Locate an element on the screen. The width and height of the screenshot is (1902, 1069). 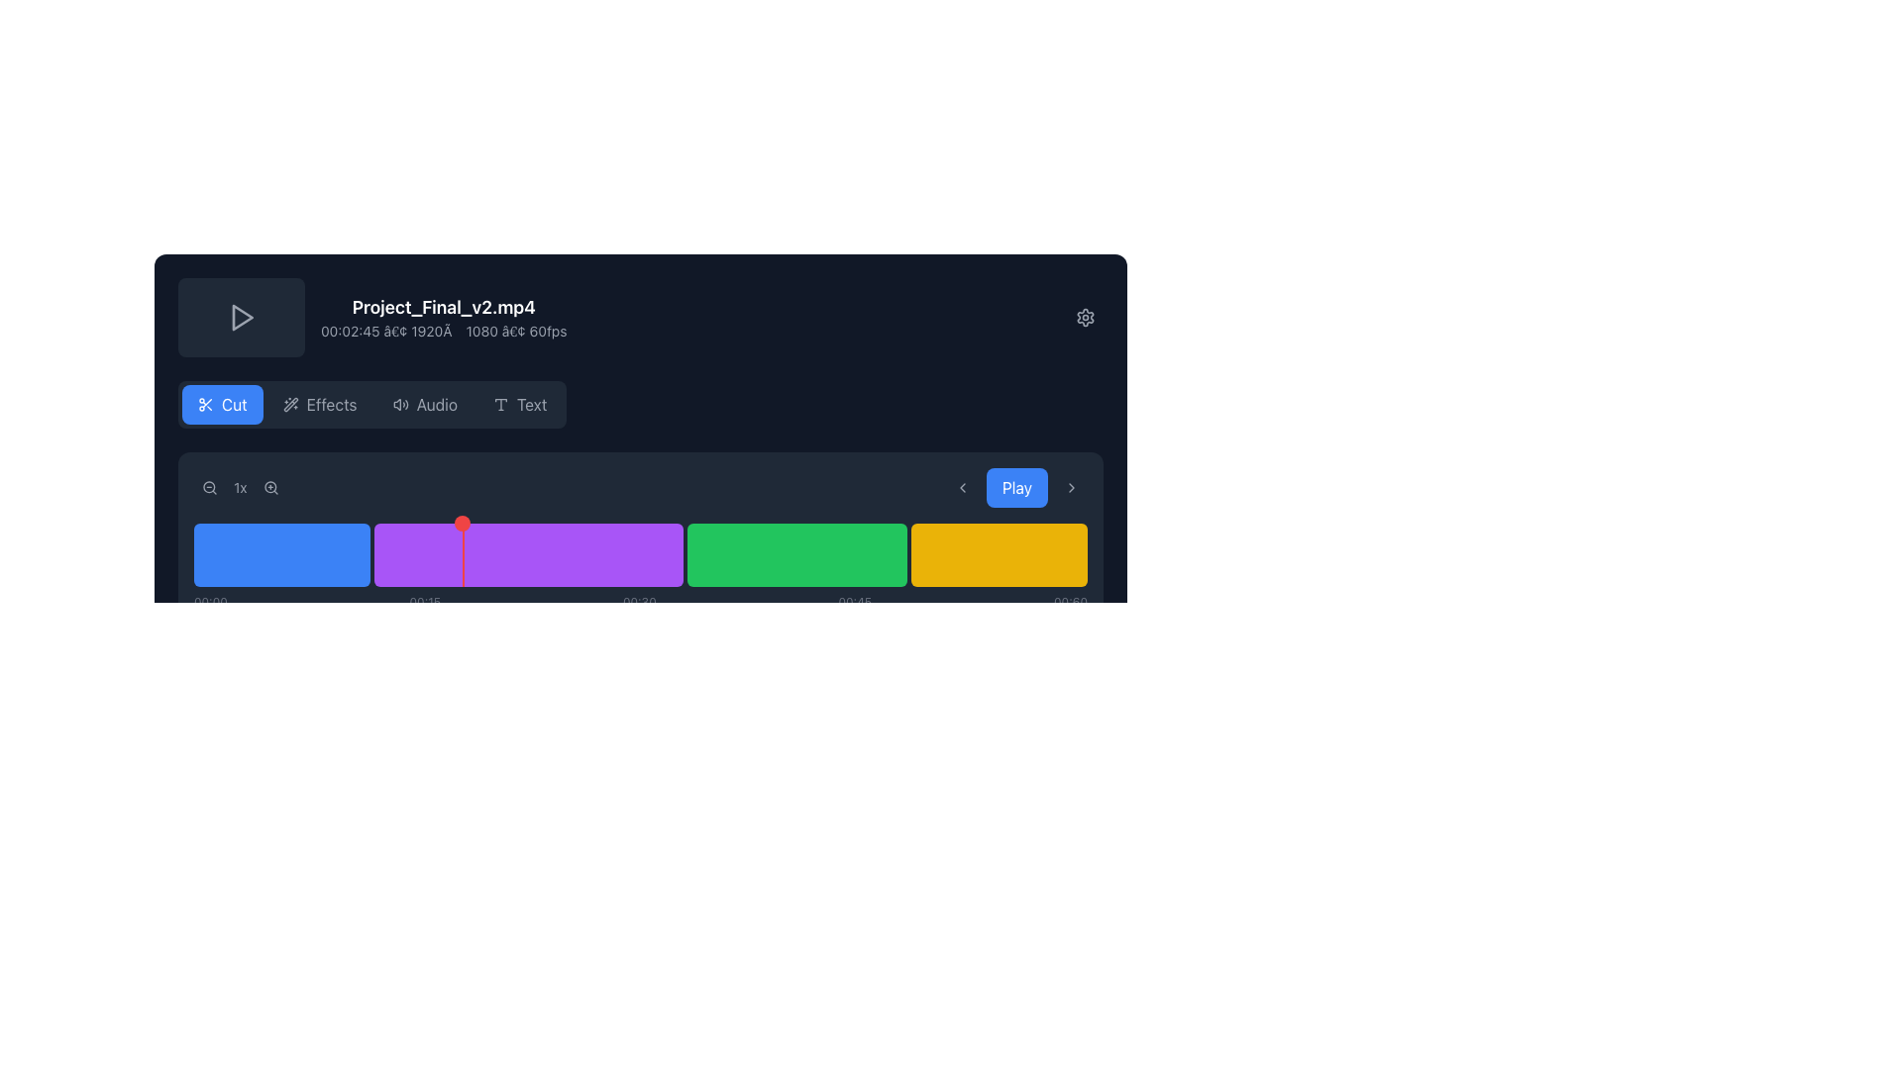
the zoom out button is located at coordinates (209, 488).